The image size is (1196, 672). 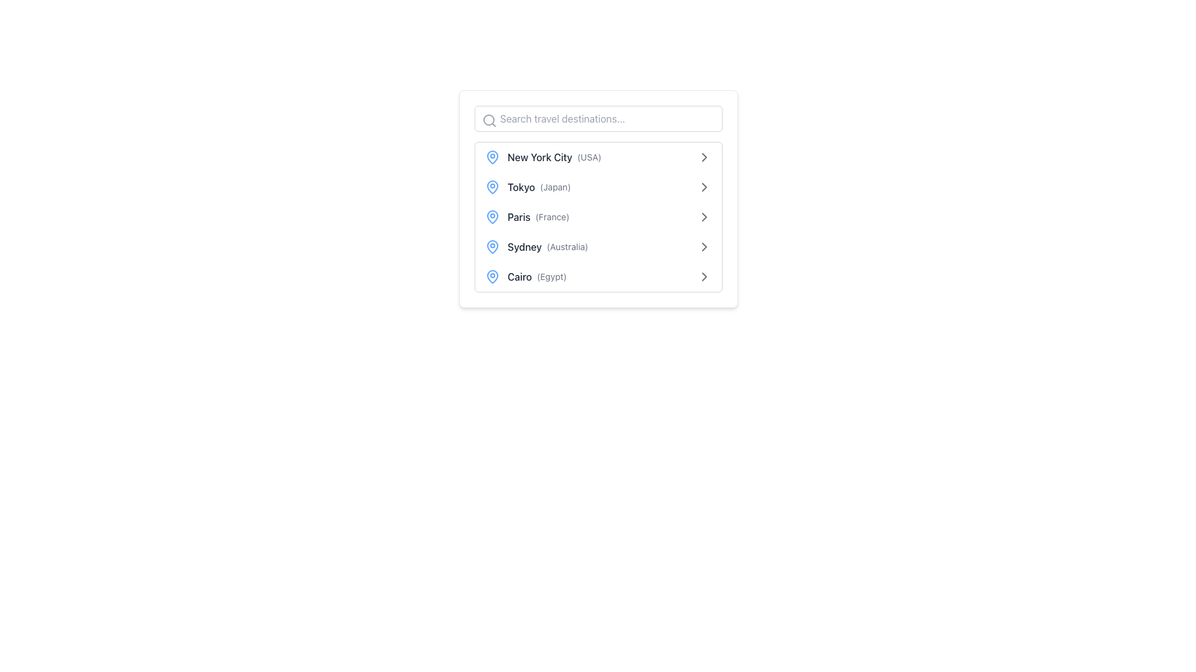 What do you see at coordinates (492, 157) in the screenshot?
I see `the icon representing the location 'New York City (USA)' which is the first item in the list within a card interface on the webpage` at bounding box center [492, 157].